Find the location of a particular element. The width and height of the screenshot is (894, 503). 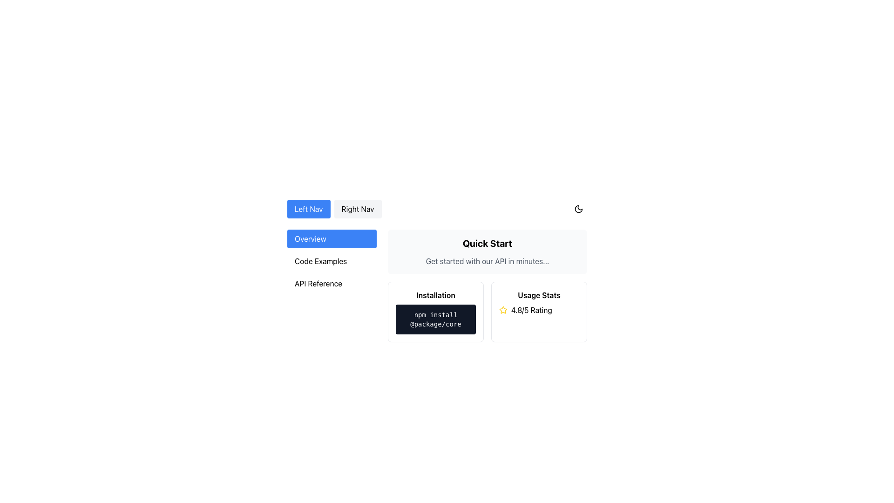

the moon icon button located near the top-right corner of the interface is located at coordinates (578, 208).